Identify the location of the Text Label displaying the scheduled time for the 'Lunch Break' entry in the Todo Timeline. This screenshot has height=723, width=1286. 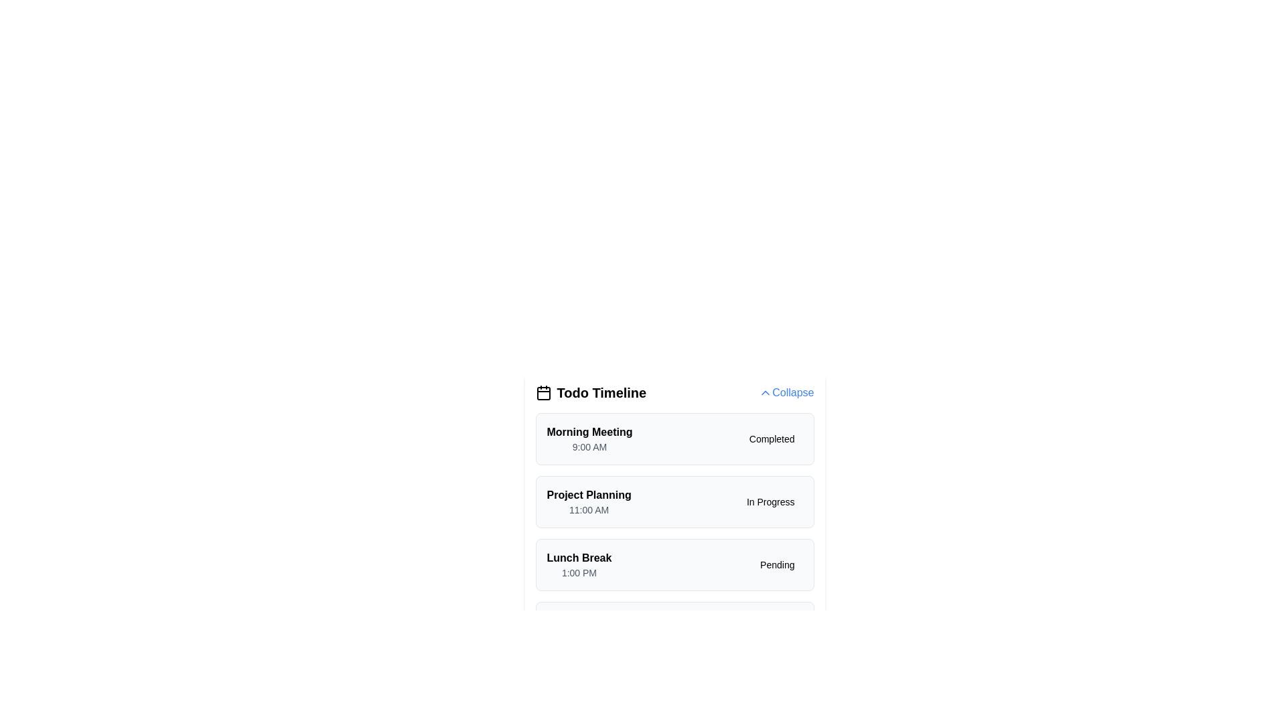
(579, 572).